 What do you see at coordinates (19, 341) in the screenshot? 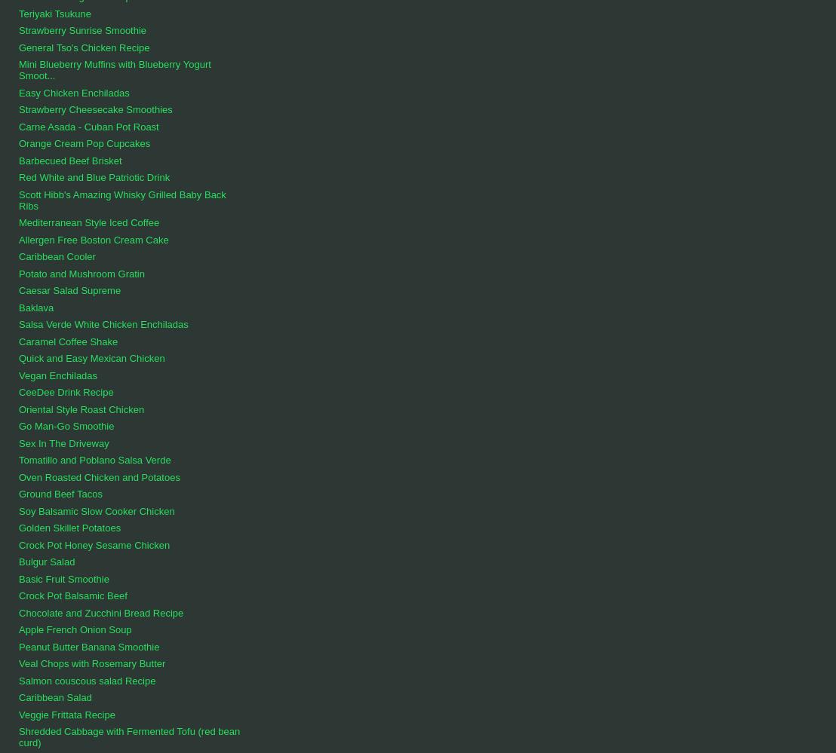
I see `'Caramel Coffee Shake'` at bounding box center [19, 341].